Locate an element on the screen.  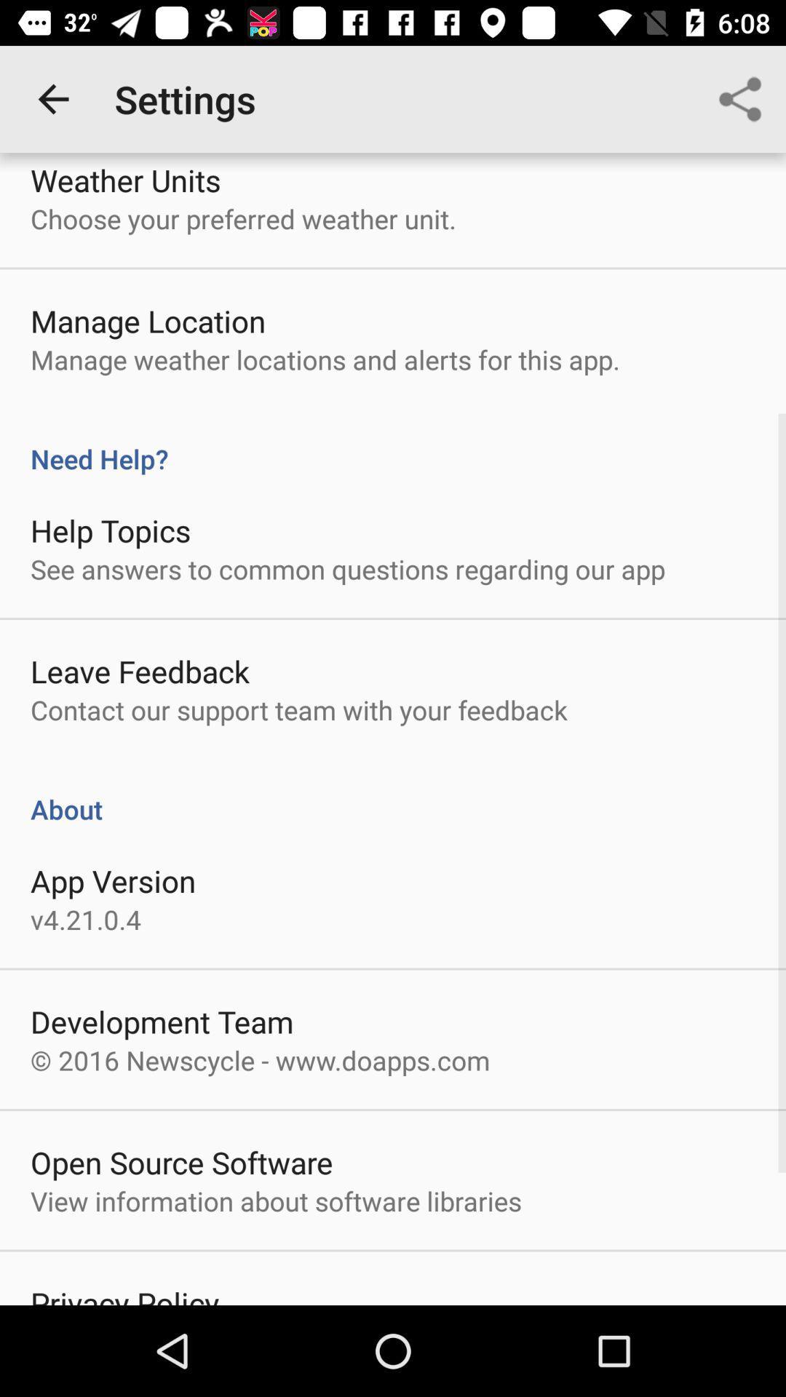
item above the v4 21 0 is located at coordinates (112, 880).